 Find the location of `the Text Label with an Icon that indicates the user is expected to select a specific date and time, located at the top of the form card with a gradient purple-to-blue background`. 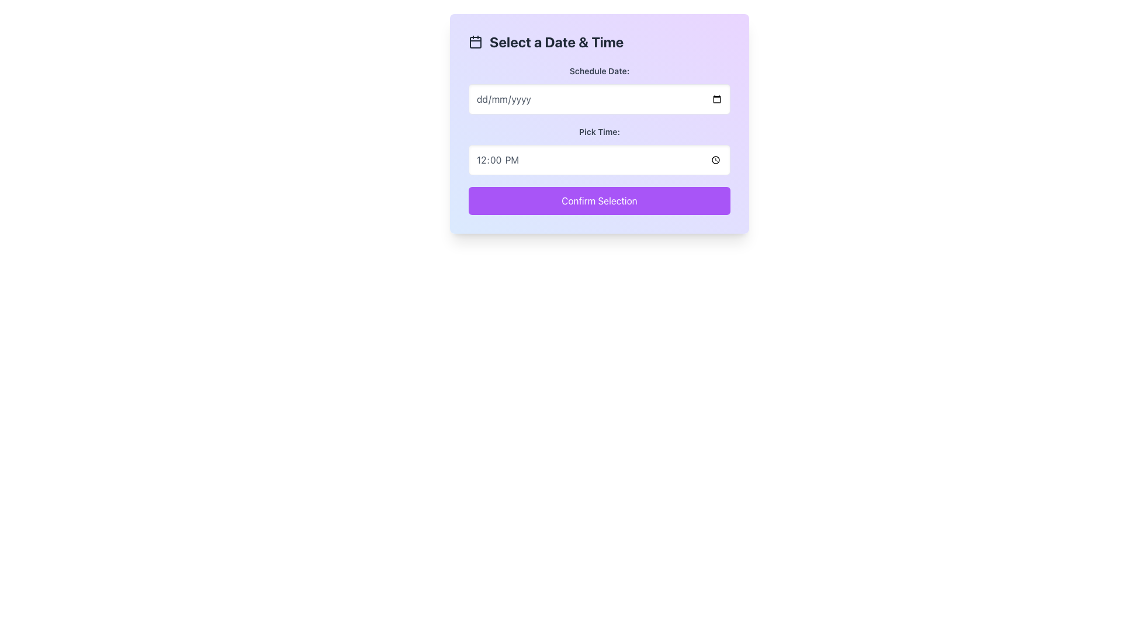

the Text Label with an Icon that indicates the user is expected to select a specific date and time, located at the top of the form card with a gradient purple-to-blue background is located at coordinates (600, 41).